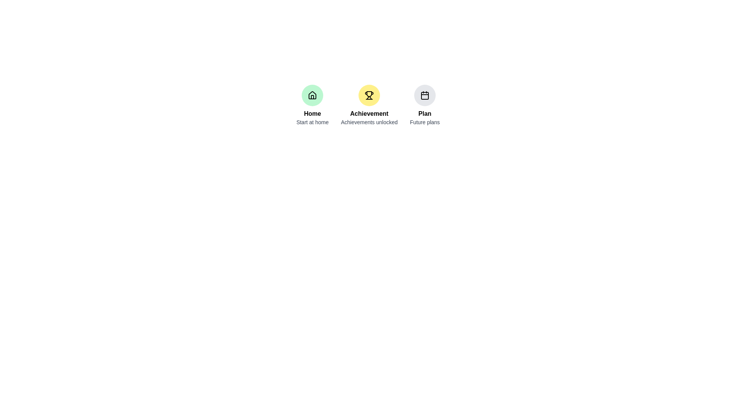 This screenshot has height=414, width=737. Describe the element at coordinates (369, 122) in the screenshot. I see `the informational label that provides context about achievements, located directly below the 'Achievement' text and aligned under the trophy icon` at that location.